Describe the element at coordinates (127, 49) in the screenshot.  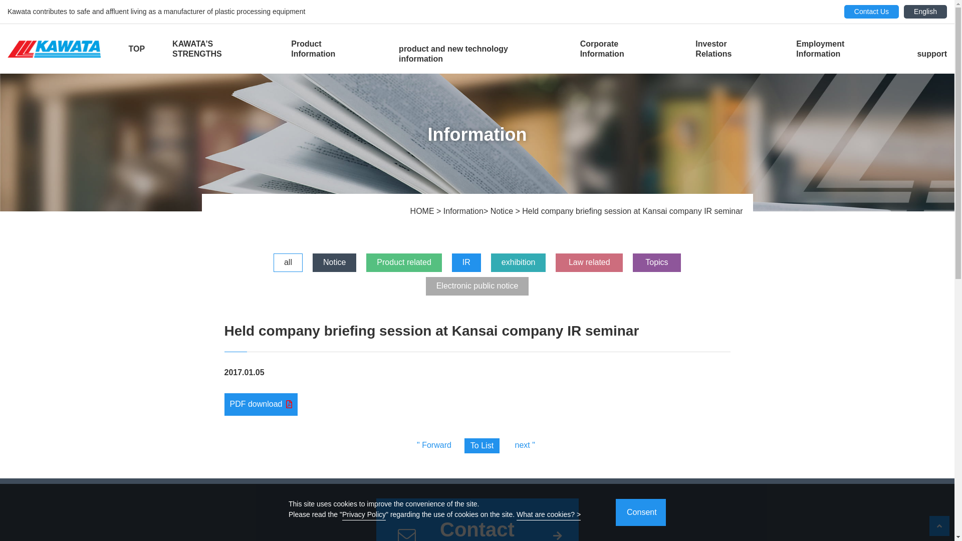
I see `'TOP'` at that location.